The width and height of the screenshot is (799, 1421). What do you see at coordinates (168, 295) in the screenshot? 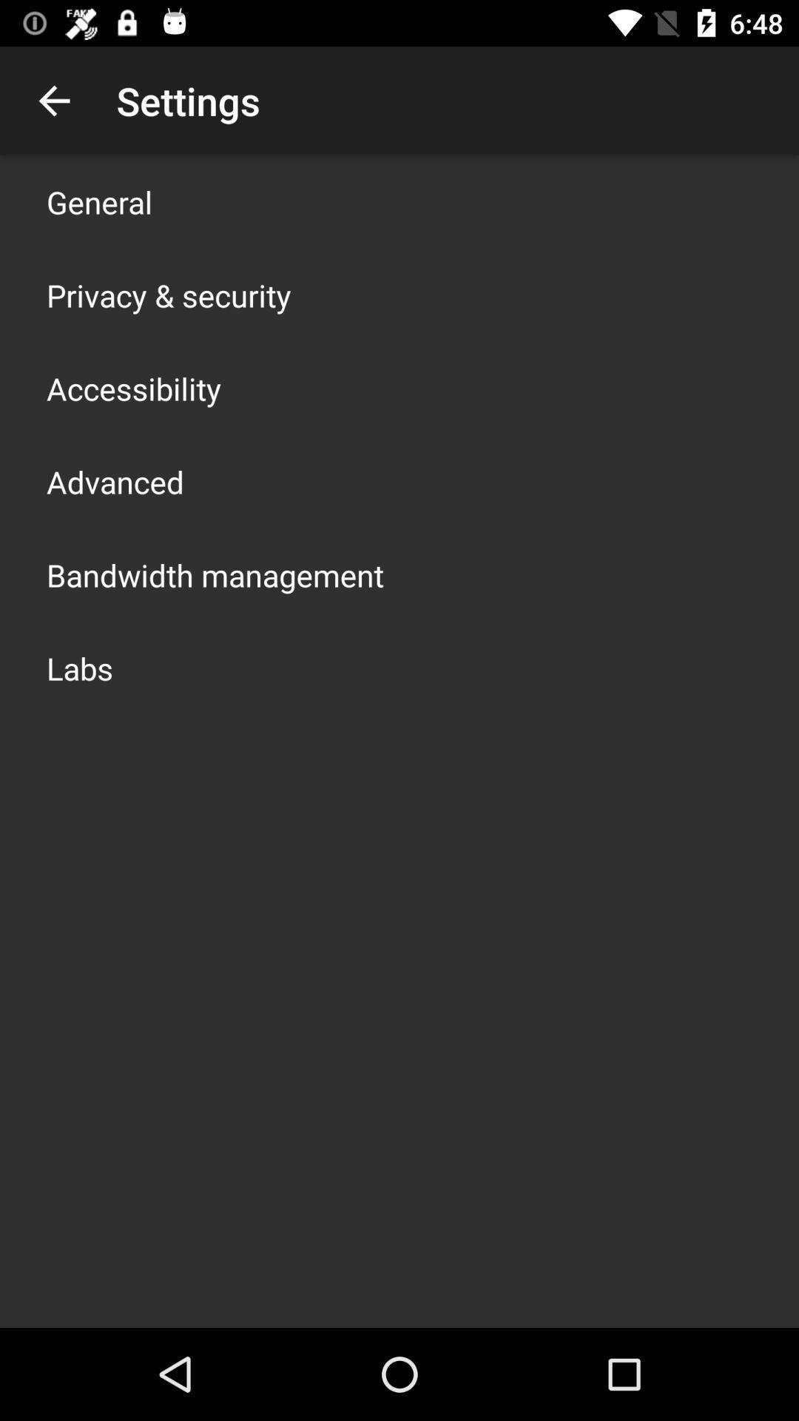
I see `item above accessibility app` at bounding box center [168, 295].